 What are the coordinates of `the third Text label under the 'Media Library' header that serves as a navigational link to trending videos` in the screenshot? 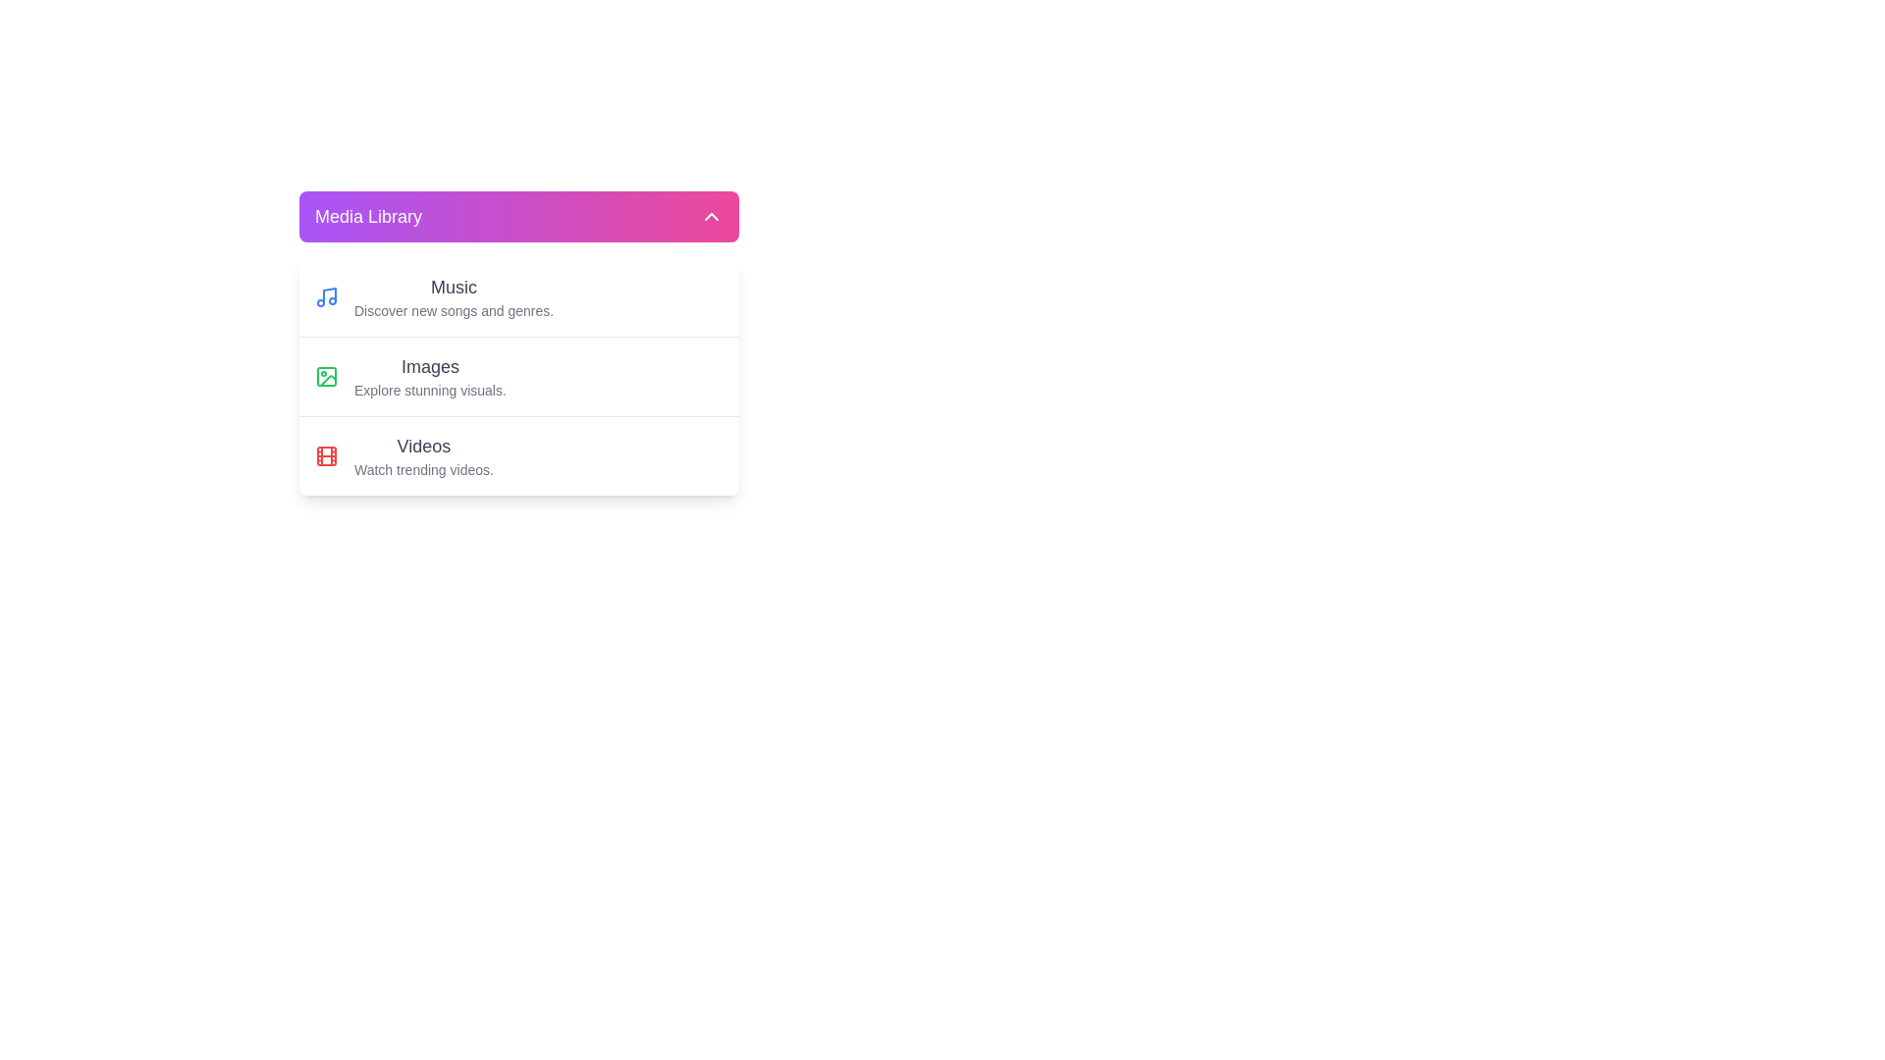 It's located at (423, 456).